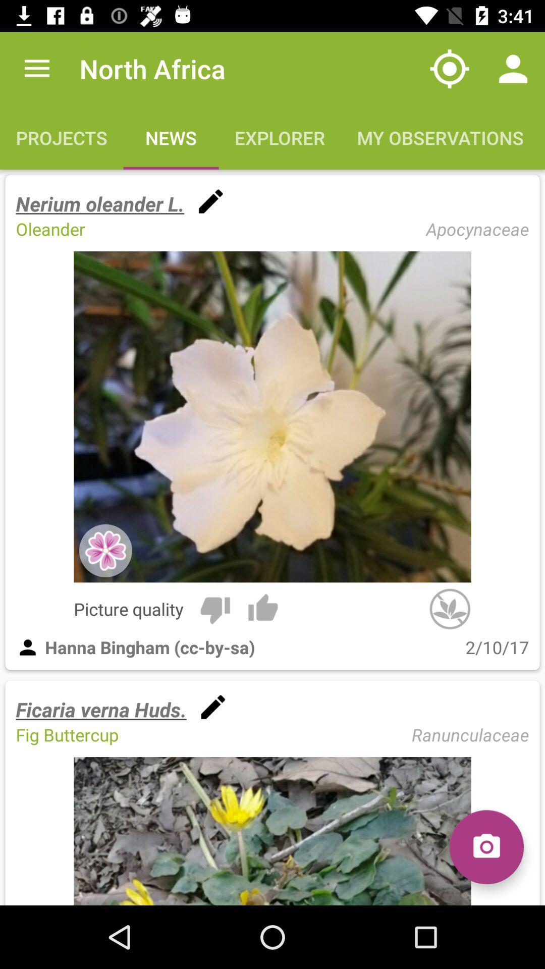 This screenshot has width=545, height=969. Describe the element at coordinates (36, 68) in the screenshot. I see `item to the left of the north africa app` at that location.